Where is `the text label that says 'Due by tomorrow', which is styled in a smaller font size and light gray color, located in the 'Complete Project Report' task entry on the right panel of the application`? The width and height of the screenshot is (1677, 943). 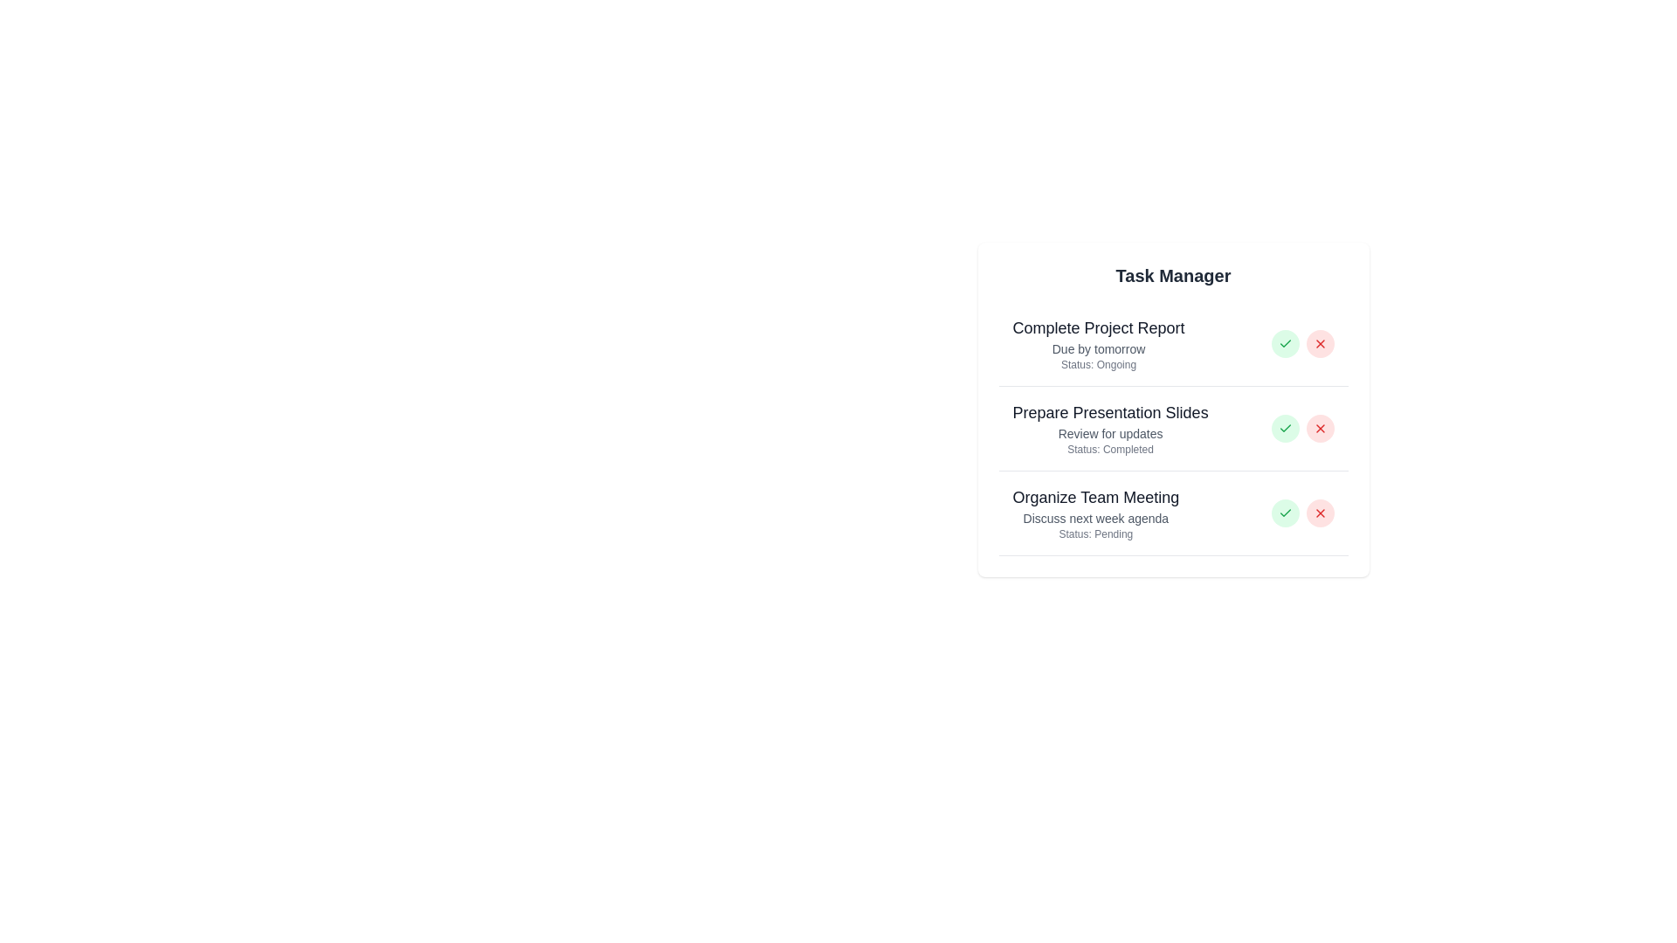 the text label that says 'Due by tomorrow', which is styled in a smaller font size and light gray color, located in the 'Complete Project Report' task entry on the right panel of the application is located at coordinates (1097, 349).